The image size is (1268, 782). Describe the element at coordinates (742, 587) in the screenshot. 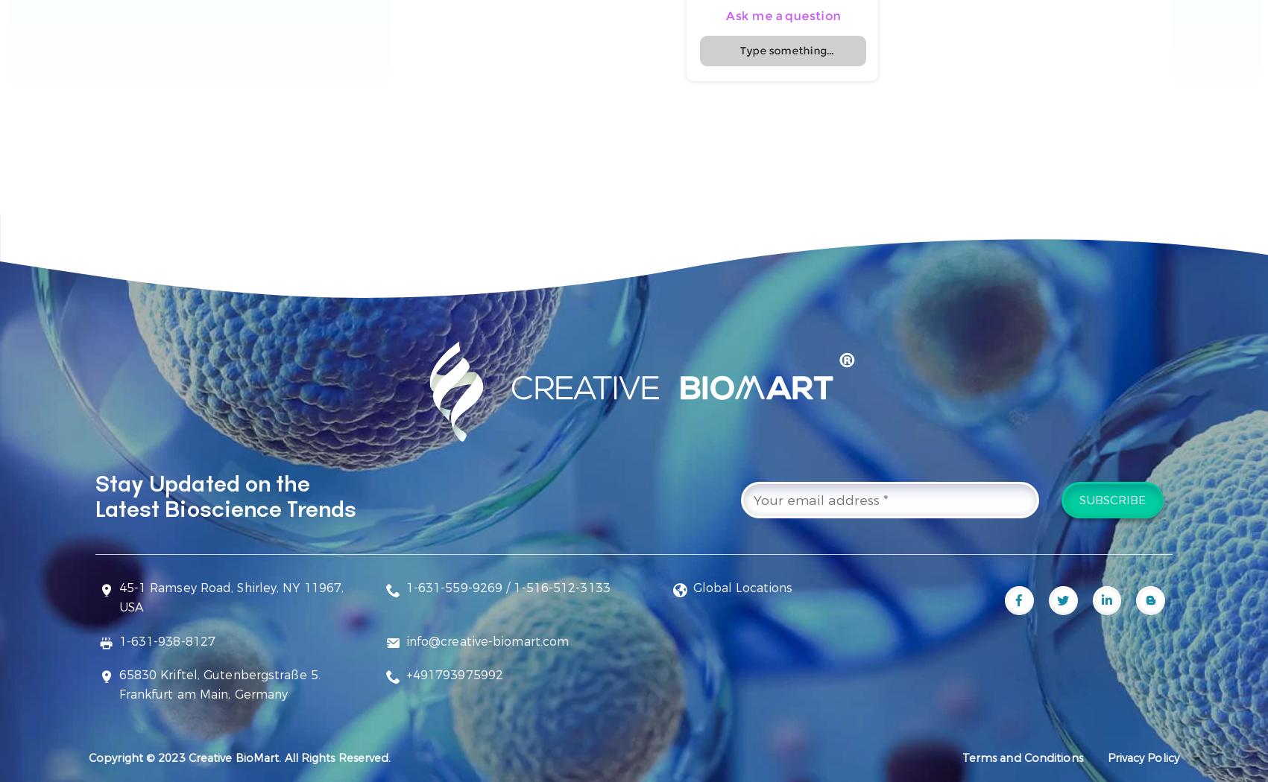

I see `'Global Locations'` at that location.